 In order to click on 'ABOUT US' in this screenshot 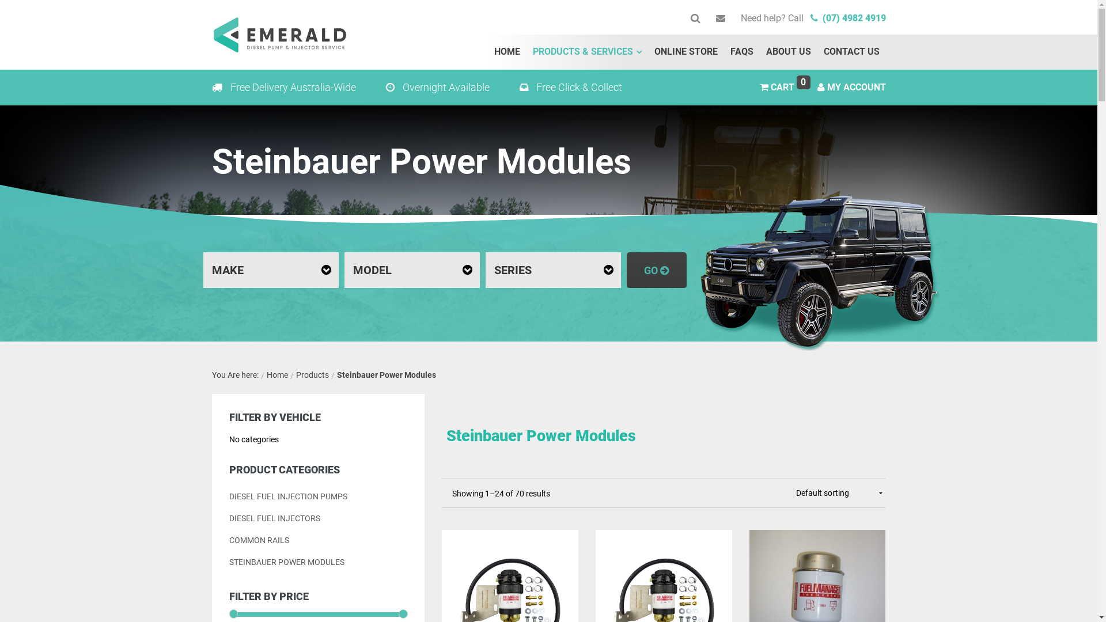, I will do `click(787, 51)`.